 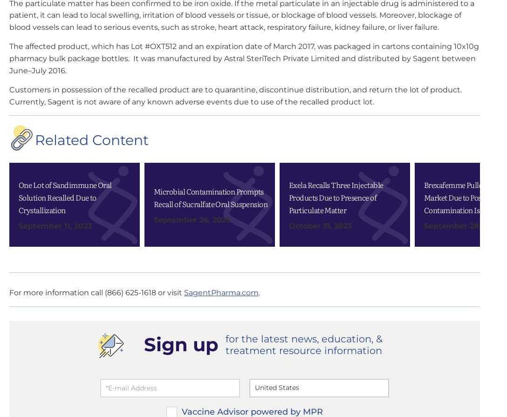 What do you see at coordinates (373, 61) in the screenshot?
I see `'Endocrinology Advisor'` at bounding box center [373, 61].